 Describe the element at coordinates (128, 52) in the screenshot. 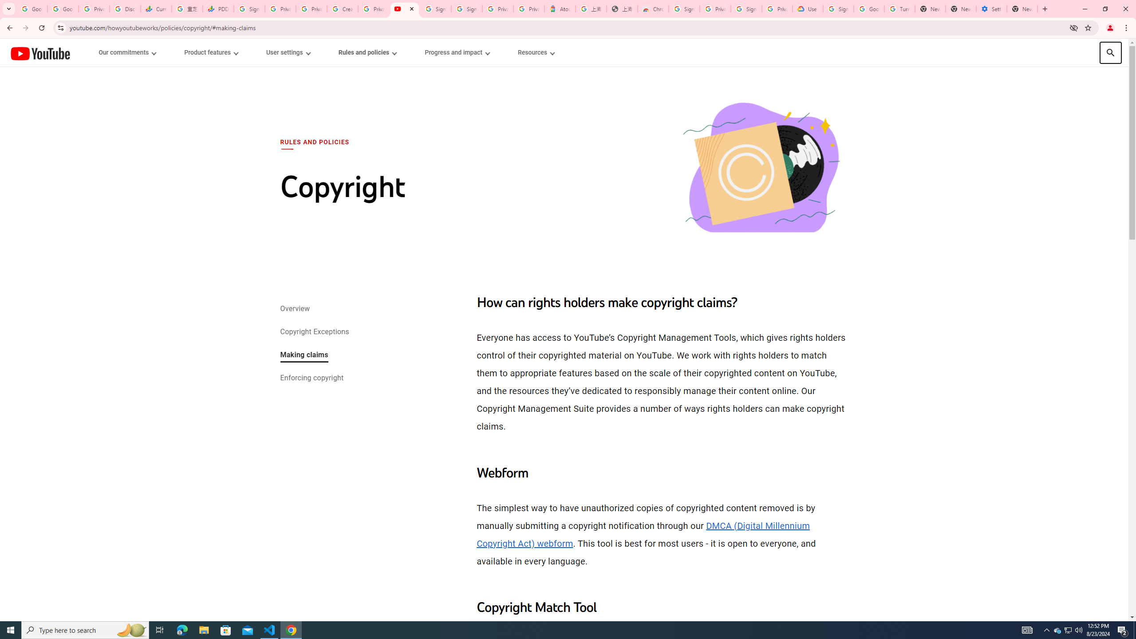

I see `'Our commitments menupopup'` at that location.